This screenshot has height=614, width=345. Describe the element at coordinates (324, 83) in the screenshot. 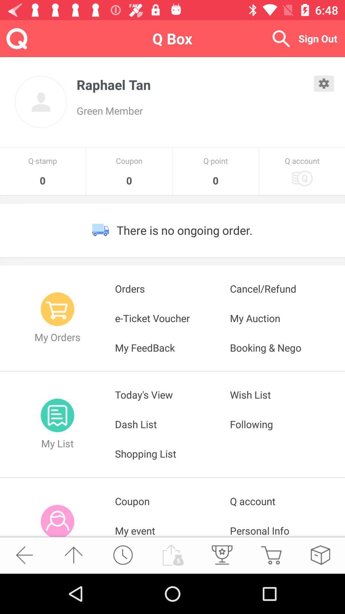

I see `check settings` at that location.